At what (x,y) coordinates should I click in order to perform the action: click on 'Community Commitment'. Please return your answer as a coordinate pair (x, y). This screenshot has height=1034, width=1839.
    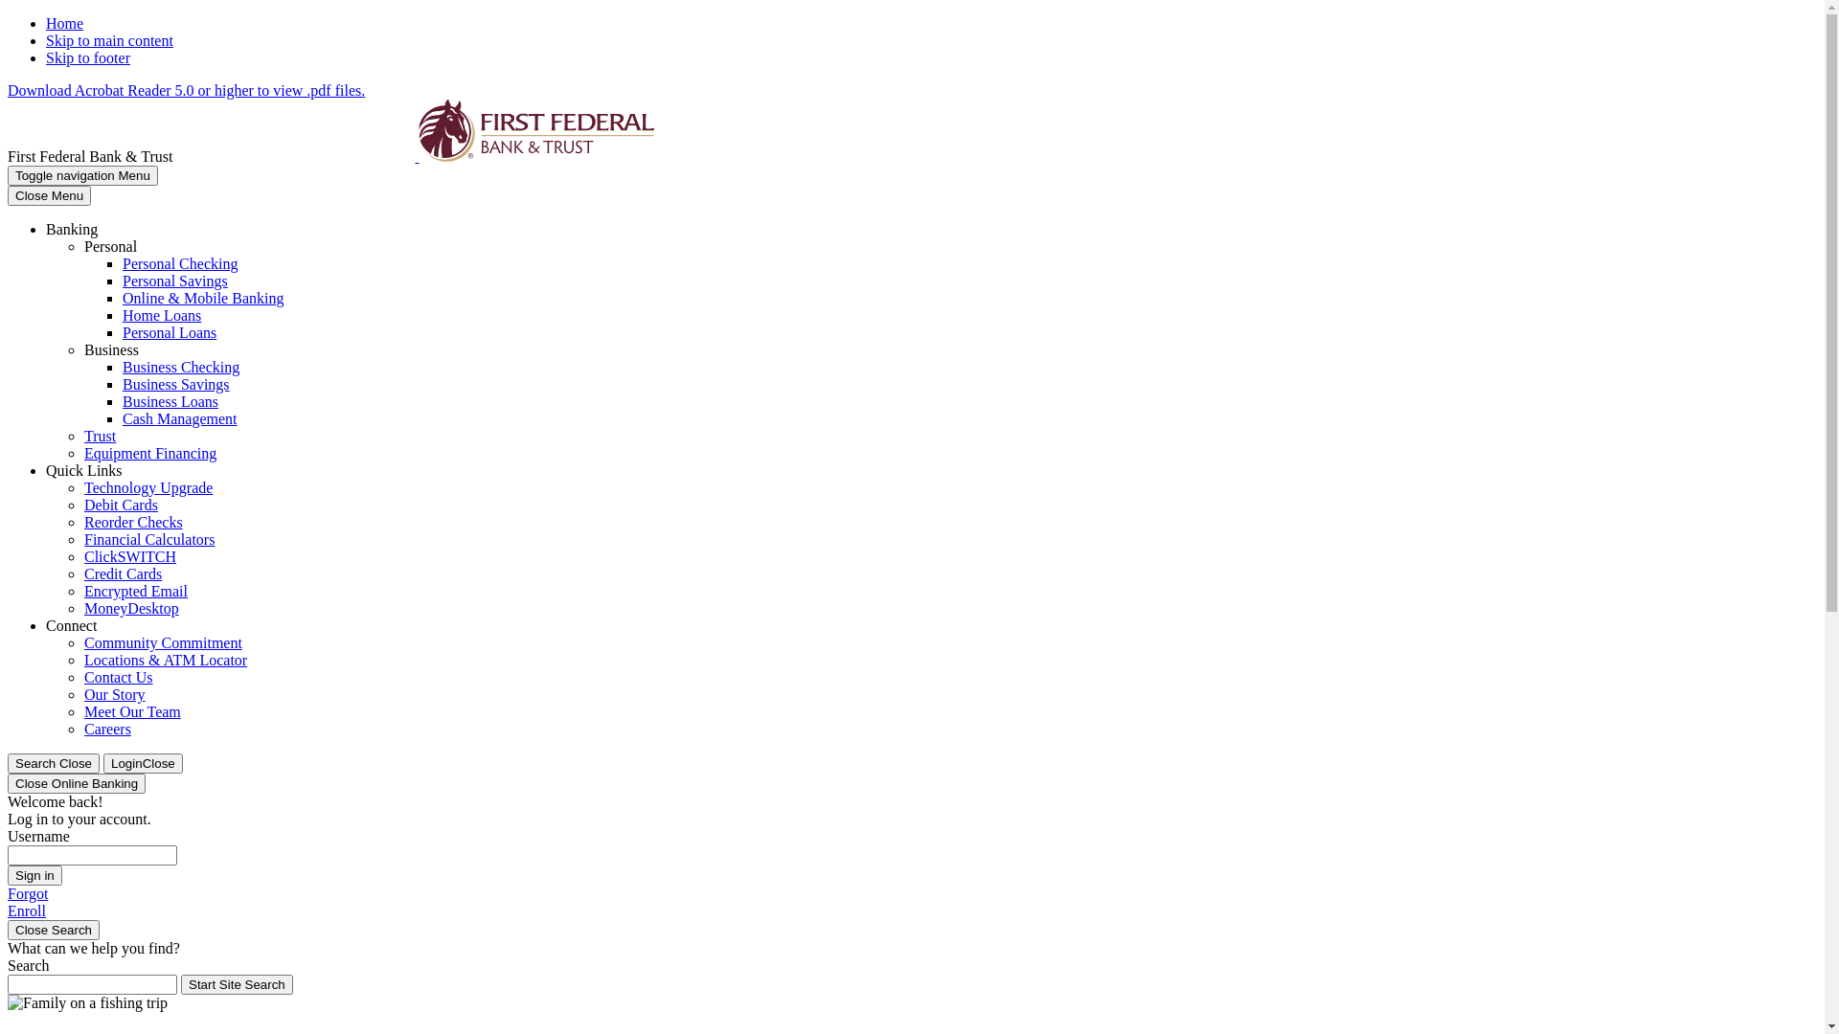
    Looking at the image, I should click on (82, 642).